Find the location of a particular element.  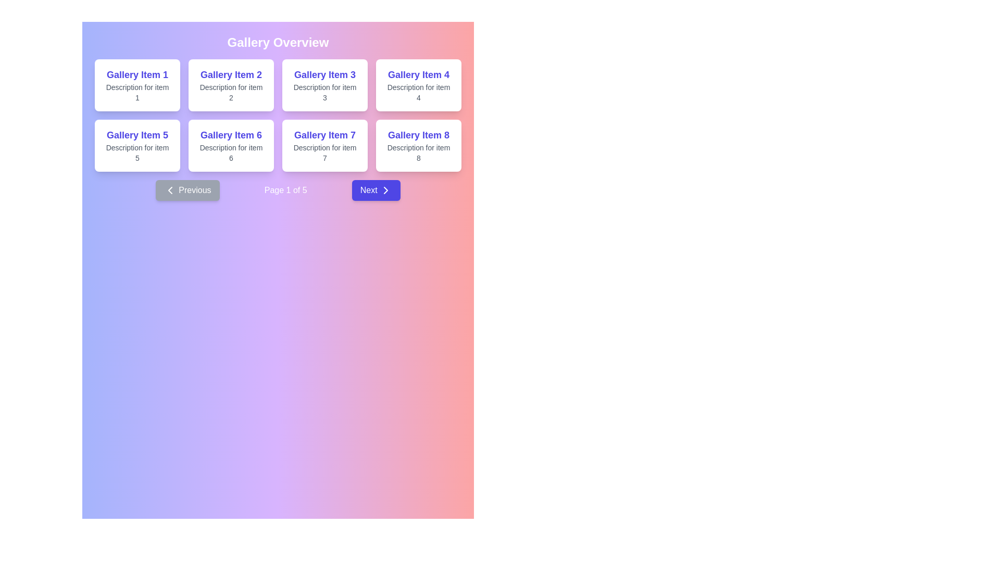

the text label displaying 'Description for item 8' located at the bottom center of the card labeled 'Gallery Item 8' is located at coordinates (419, 152).